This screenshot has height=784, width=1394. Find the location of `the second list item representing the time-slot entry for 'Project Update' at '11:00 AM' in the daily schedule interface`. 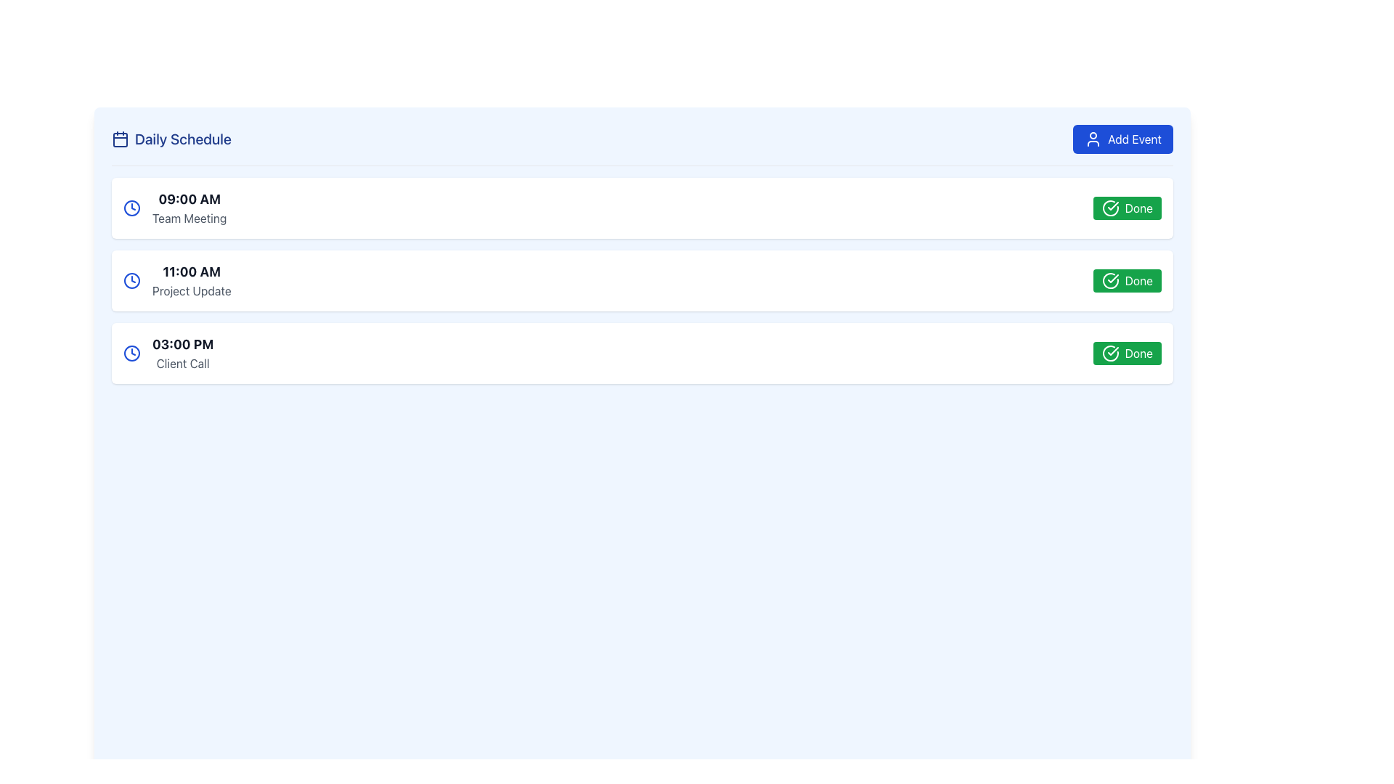

the second list item representing the time-slot entry for 'Project Update' at '11:00 AM' in the daily schedule interface is located at coordinates (641, 280).